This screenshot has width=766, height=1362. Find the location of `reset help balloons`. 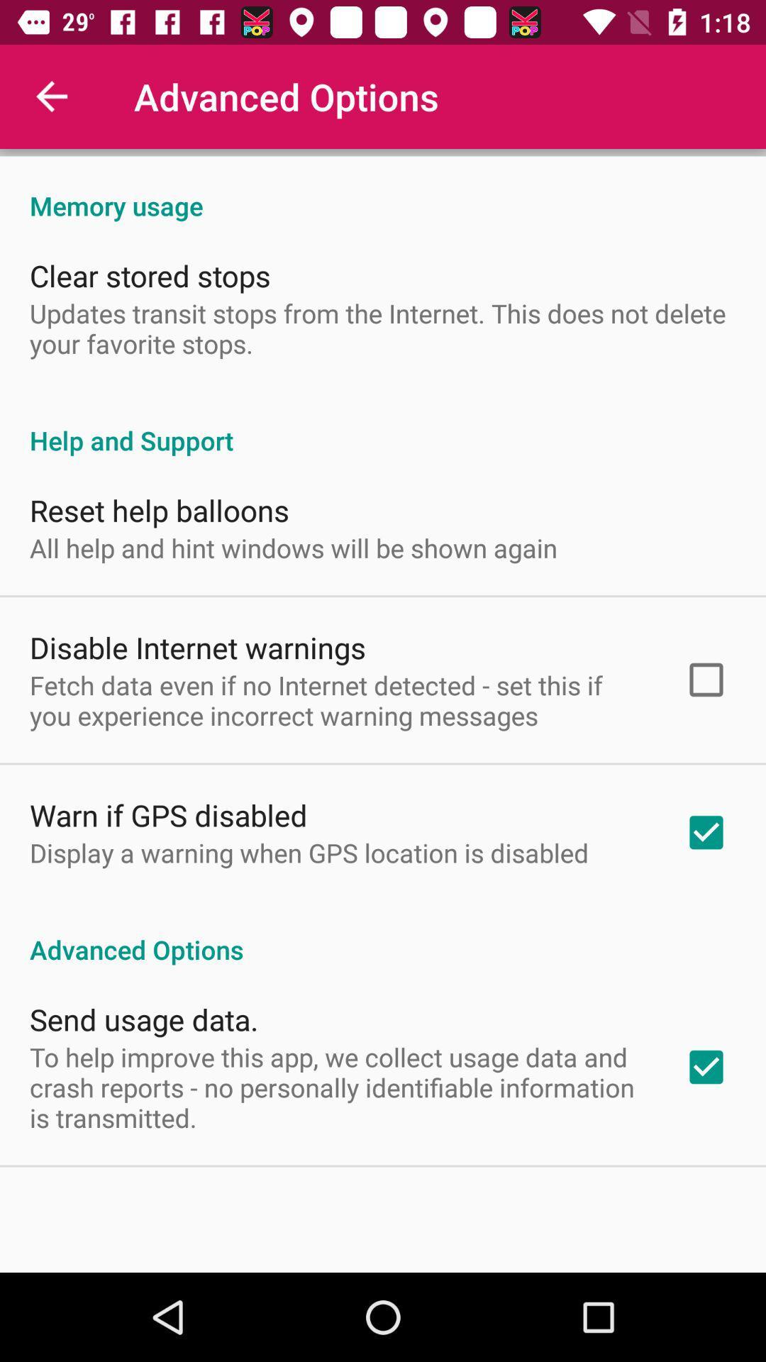

reset help balloons is located at coordinates (159, 510).